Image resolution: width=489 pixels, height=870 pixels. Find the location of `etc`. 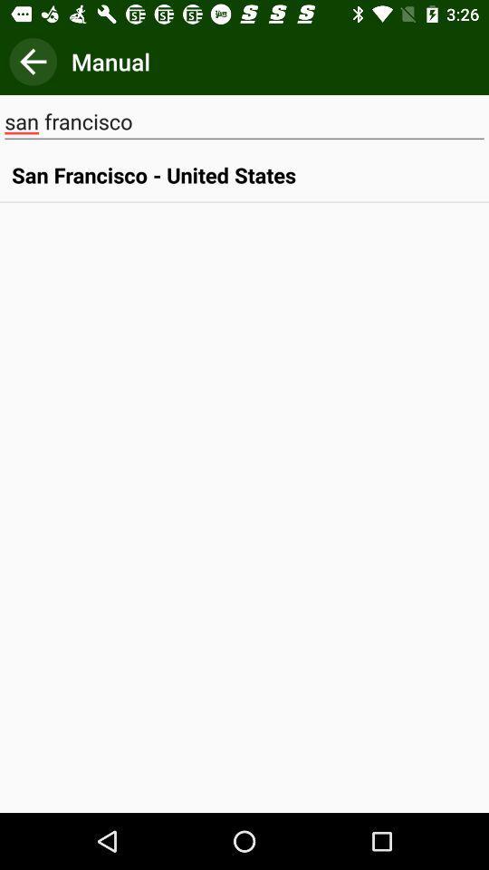

etc is located at coordinates (33, 62).